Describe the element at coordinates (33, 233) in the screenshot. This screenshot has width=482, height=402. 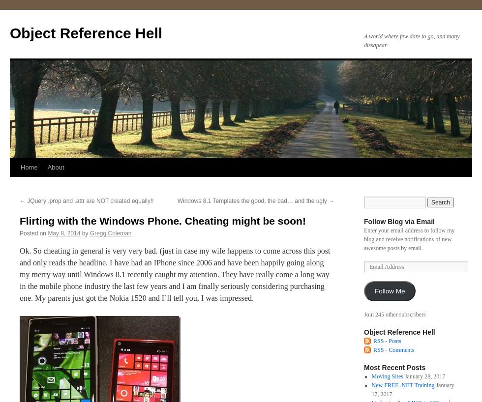
I see `'Posted on'` at that location.